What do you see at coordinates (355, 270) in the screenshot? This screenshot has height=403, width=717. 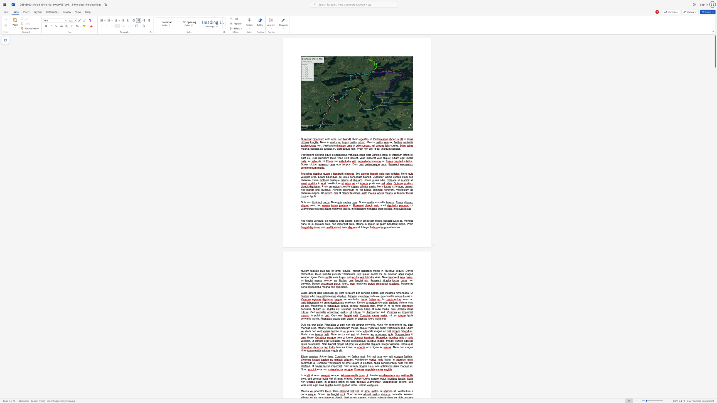 I see `the 1th character "e" in the text` at bounding box center [355, 270].